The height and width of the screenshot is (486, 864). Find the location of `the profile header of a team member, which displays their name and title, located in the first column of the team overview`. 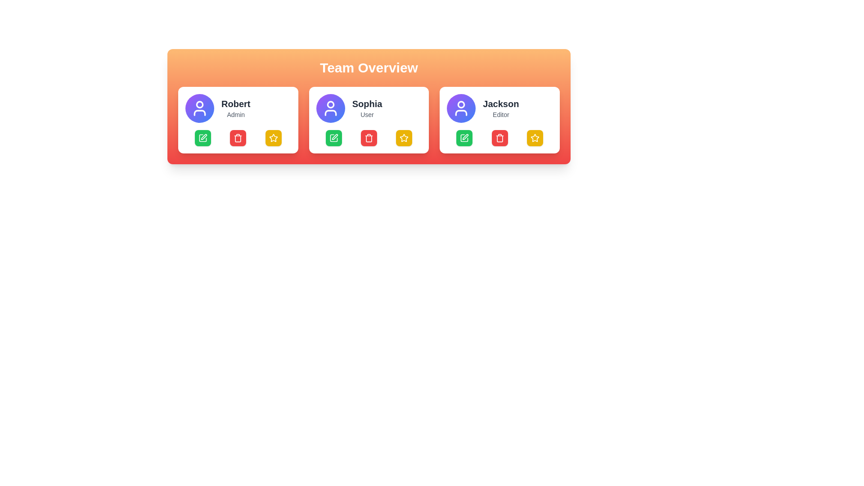

the profile header of a team member, which displays their name and title, located in the first column of the team overview is located at coordinates (238, 108).